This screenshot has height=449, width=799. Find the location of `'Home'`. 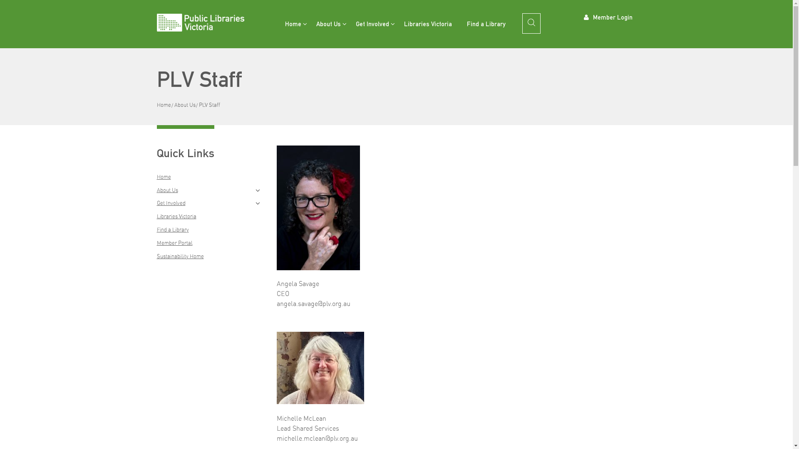

'Home' is located at coordinates (164, 104).